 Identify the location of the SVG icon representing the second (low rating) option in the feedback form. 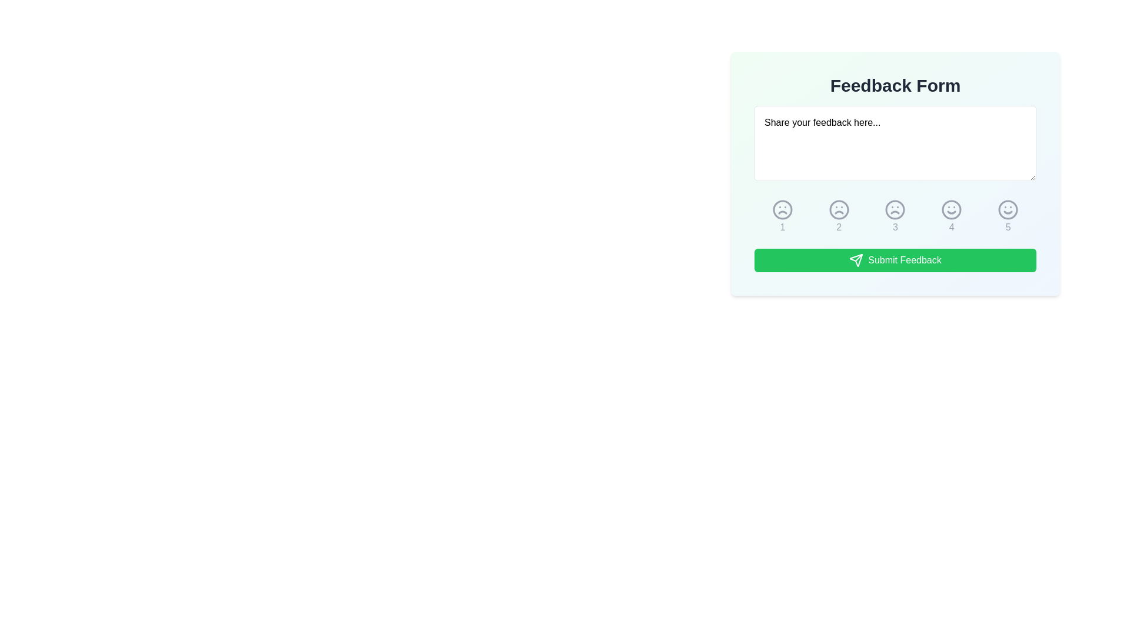
(838, 209).